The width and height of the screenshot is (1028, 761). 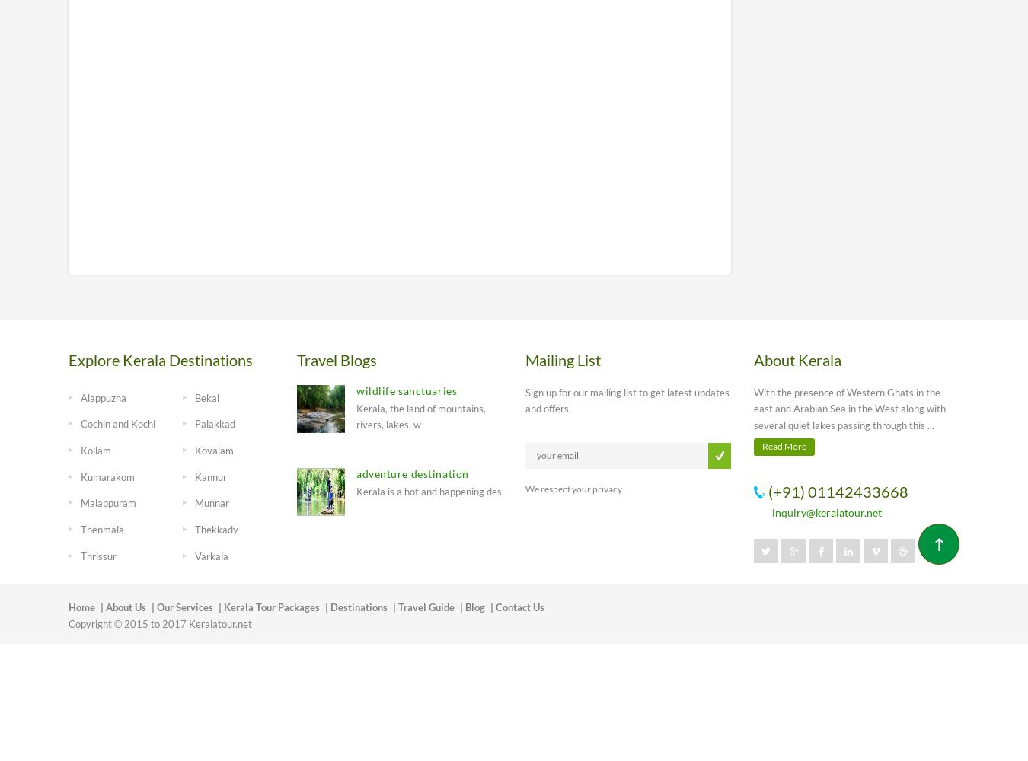 What do you see at coordinates (117, 424) in the screenshot?
I see `'Cochin and Kochi'` at bounding box center [117, 424].